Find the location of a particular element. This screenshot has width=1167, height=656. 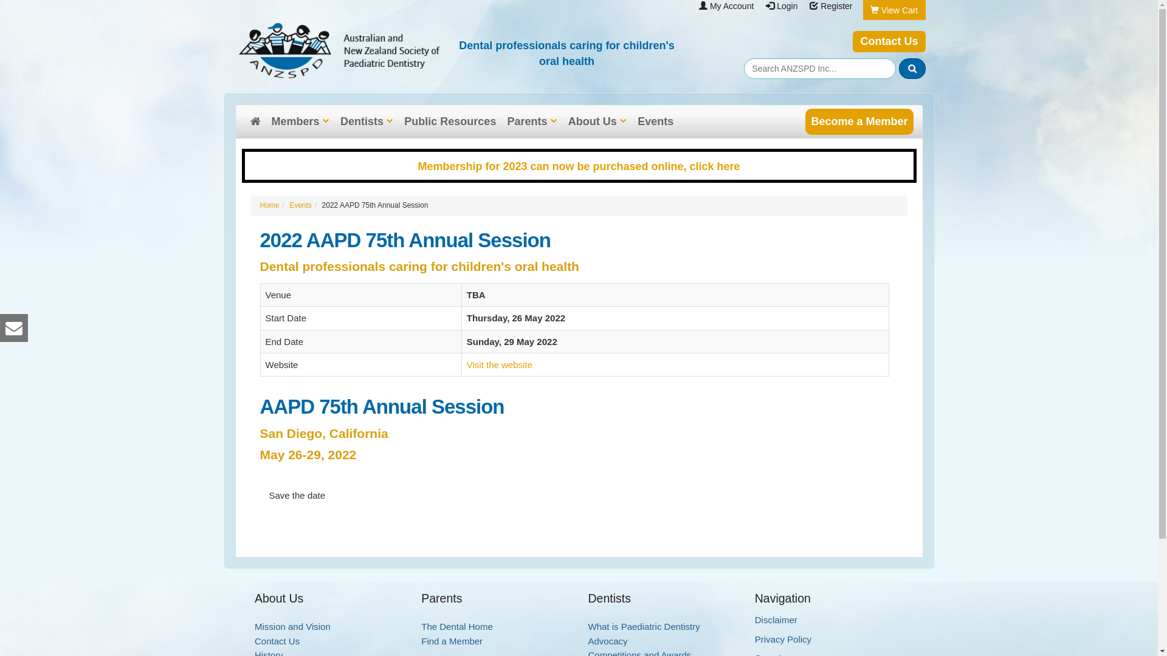

'ANZSPD Inc' is located at coordinates (339, 50).